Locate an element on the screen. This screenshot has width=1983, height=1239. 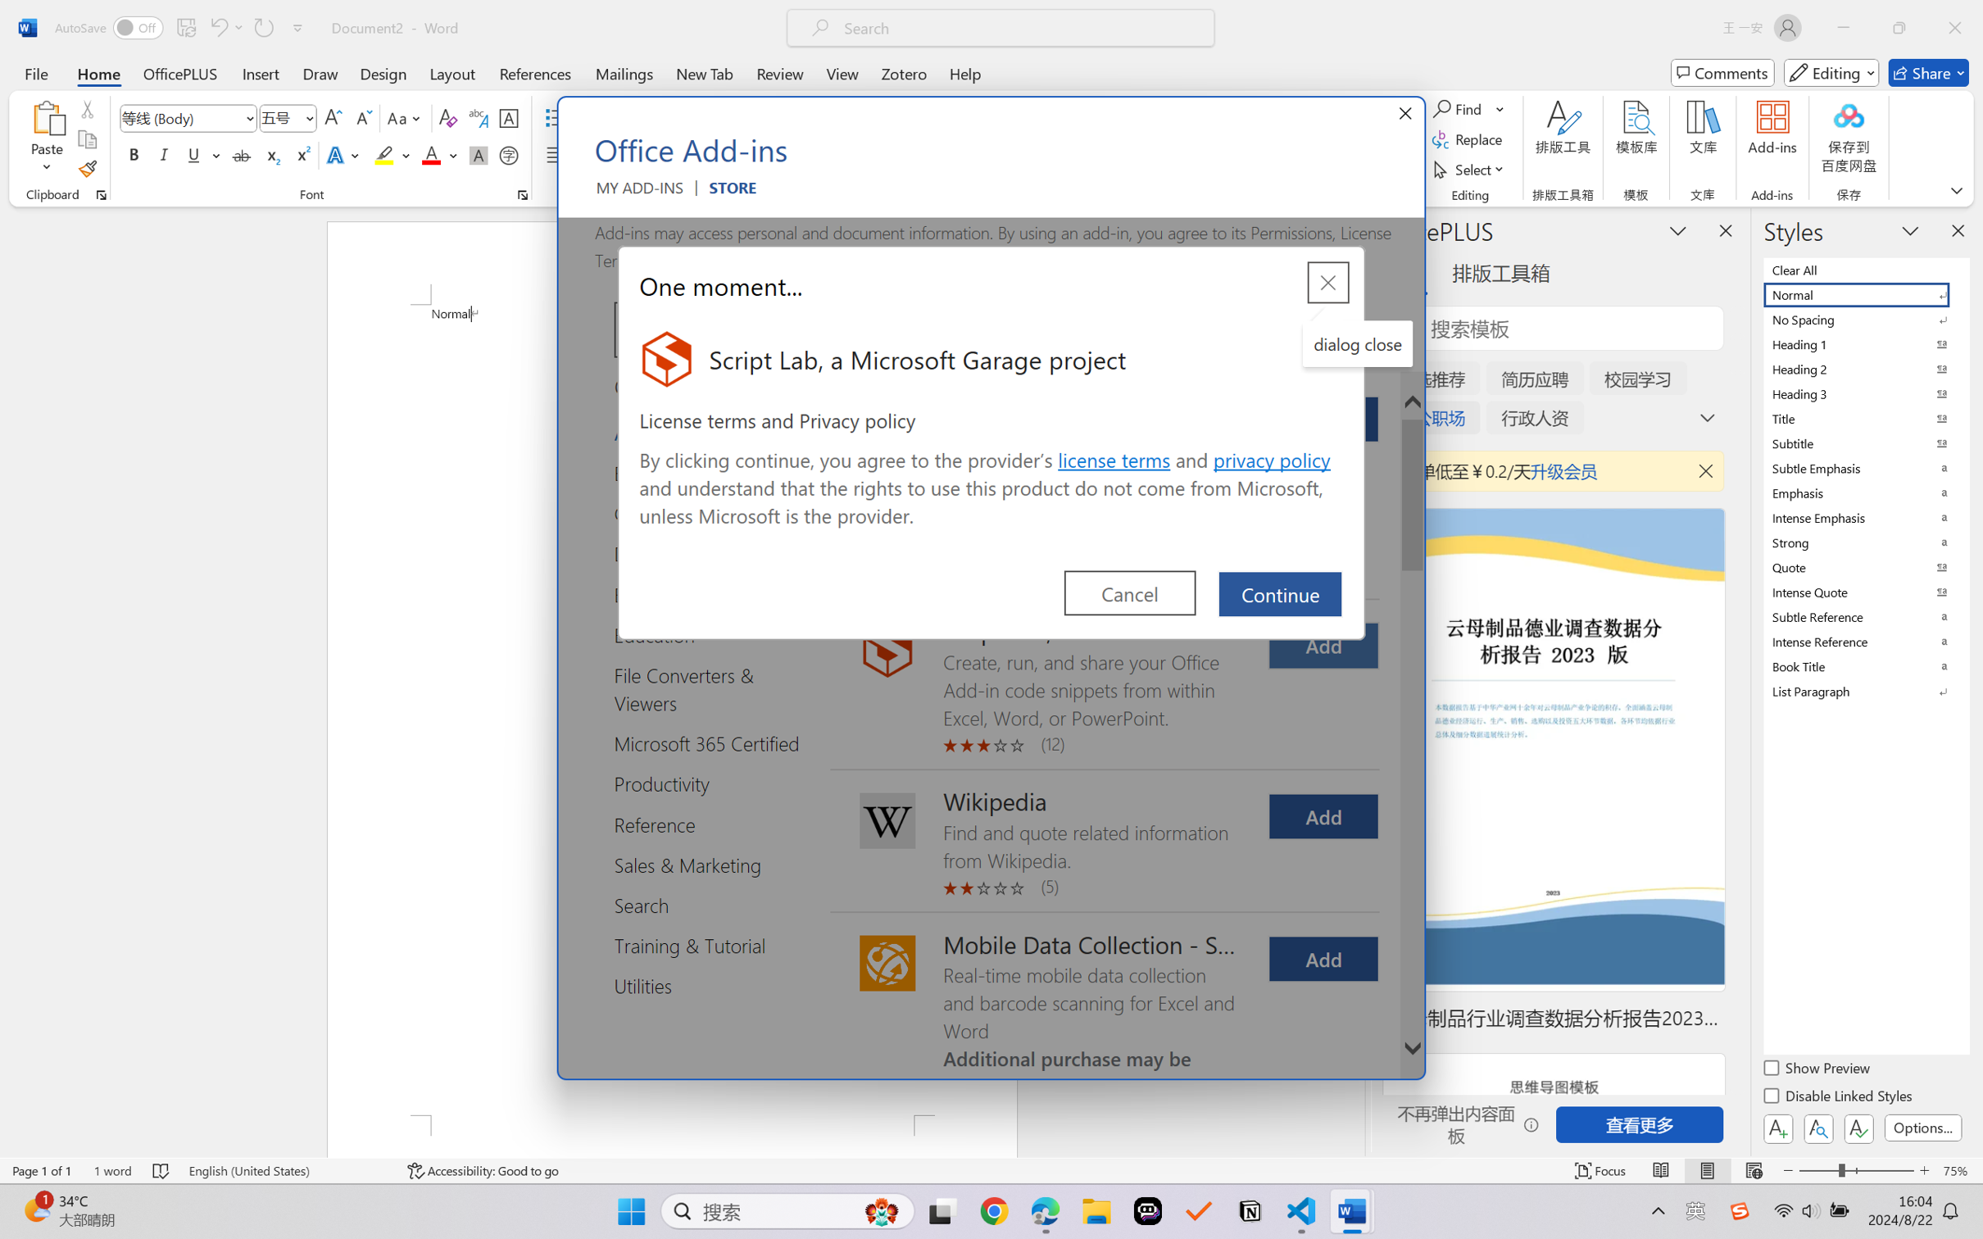
'Strong' is located at coordinates (1864, 542).